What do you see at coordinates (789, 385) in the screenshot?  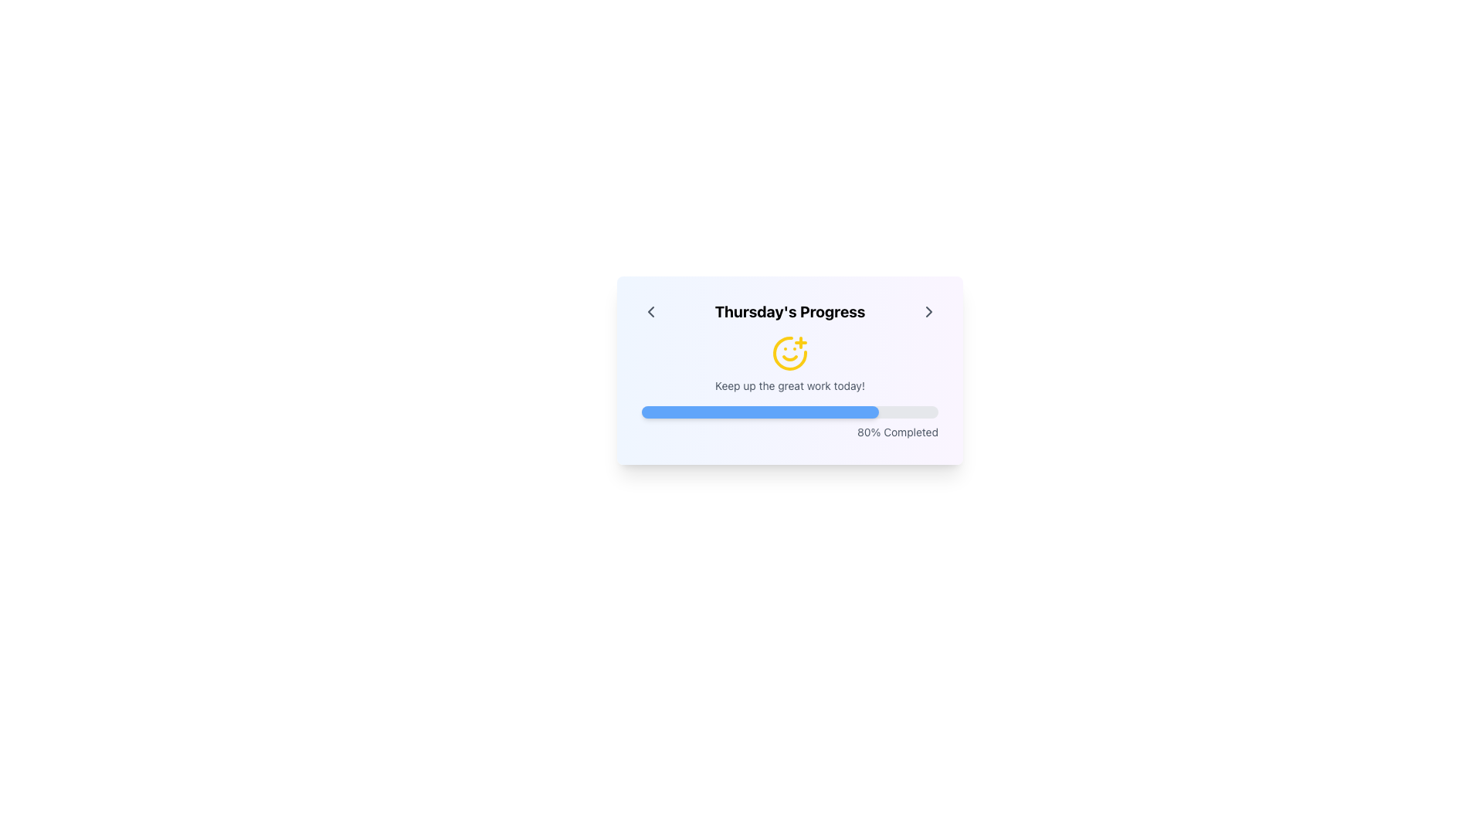 I see `the motivational message text label located below the smiley face icon and above the progress bar in the card-like UI section` at bounding box center [789, 385].